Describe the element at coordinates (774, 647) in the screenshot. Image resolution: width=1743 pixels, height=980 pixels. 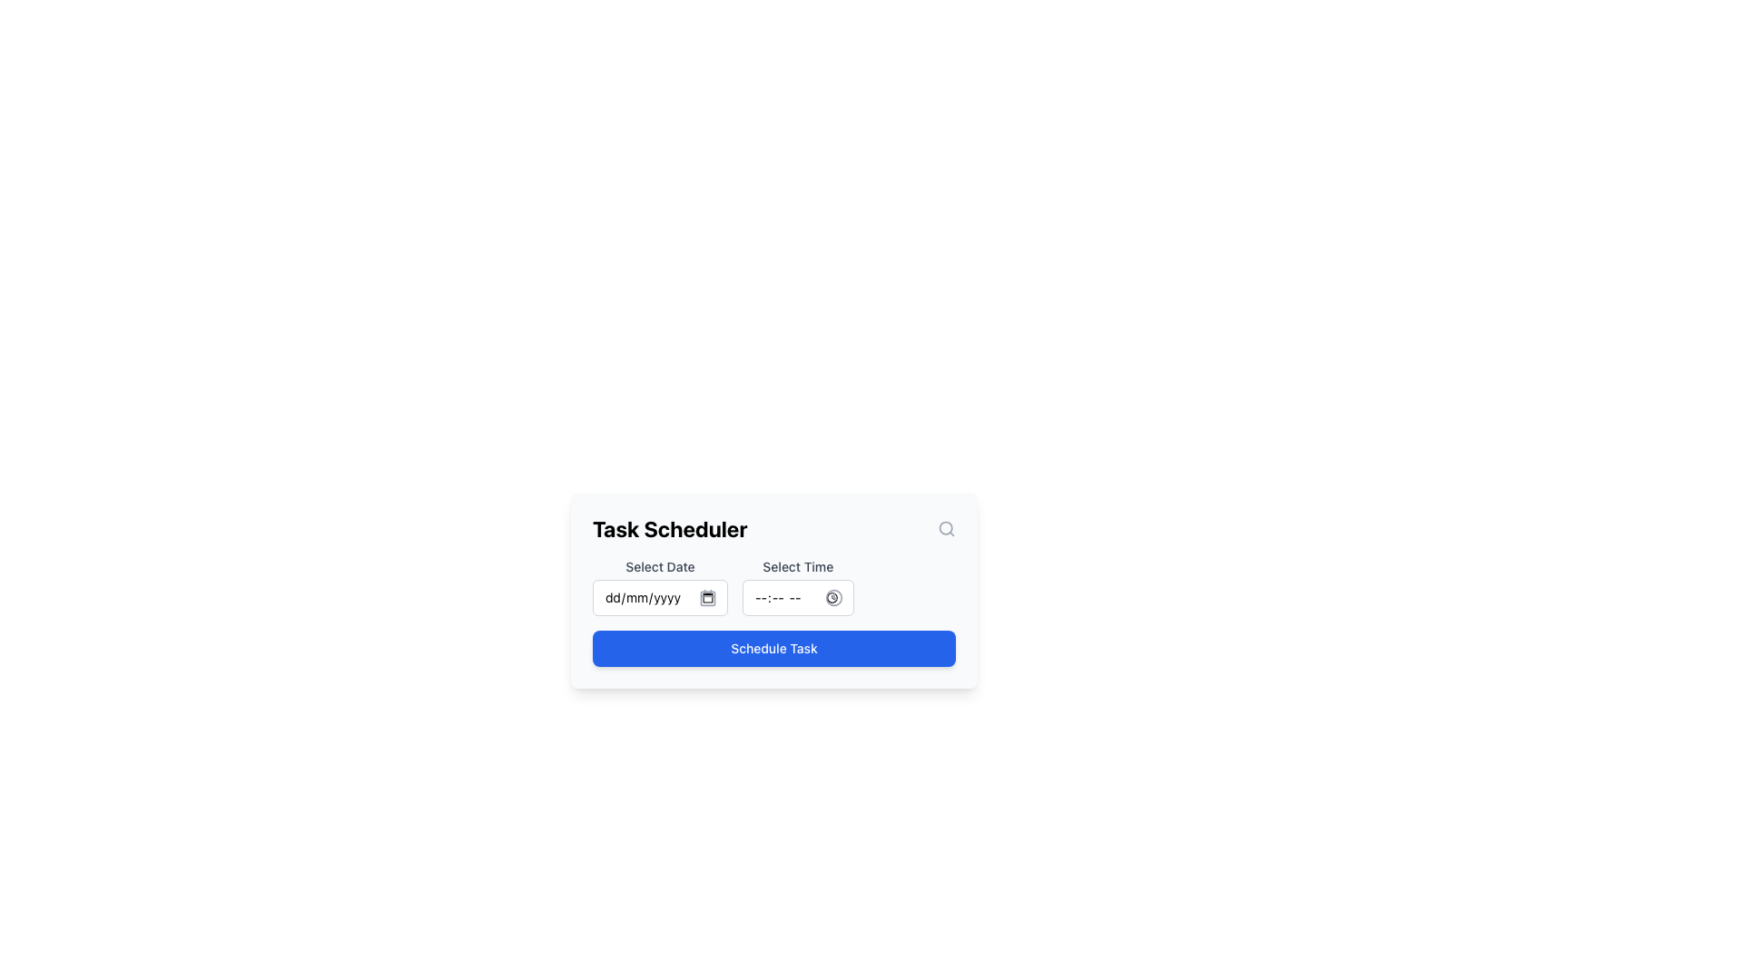
I see `the 'Schedule Task' button with a blue background and white text` at that location.